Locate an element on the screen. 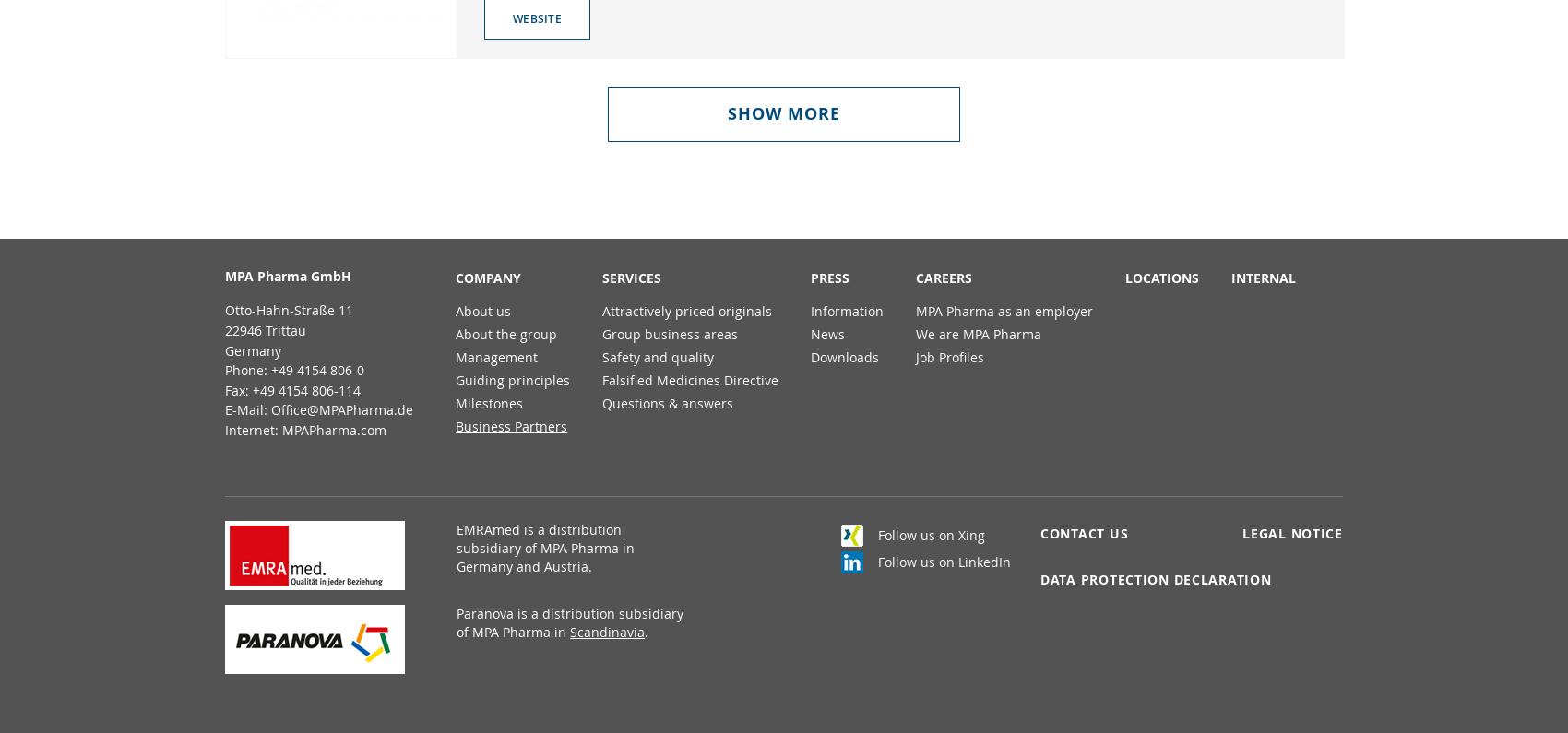 The width and height of the screenshot is (1568, 733). 'Follow us on LinkedIn' is located at coordinates (943, 560).